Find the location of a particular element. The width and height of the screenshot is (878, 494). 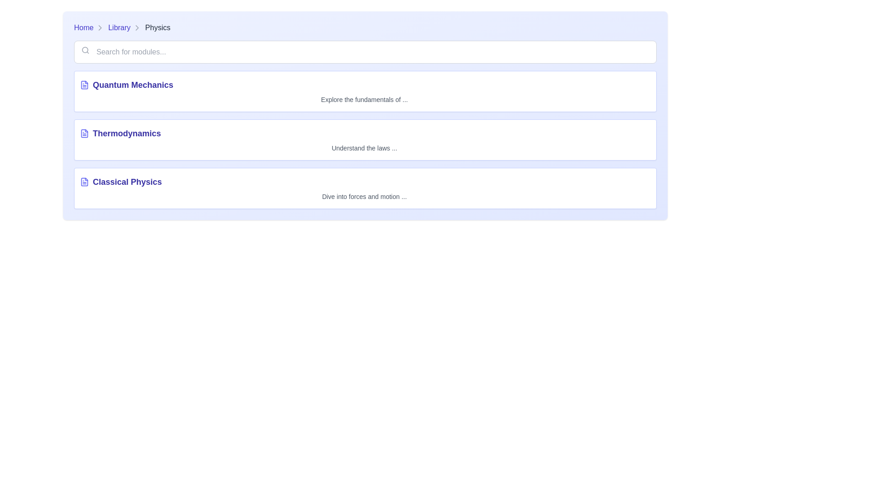

the chevron or arrow icon in the breadcrumb navigation bar, which indicates navigation direction and separates breadcrumb titles, located adjacent to the 'Library' breadcrumb text is located at coordinates (100, 27).